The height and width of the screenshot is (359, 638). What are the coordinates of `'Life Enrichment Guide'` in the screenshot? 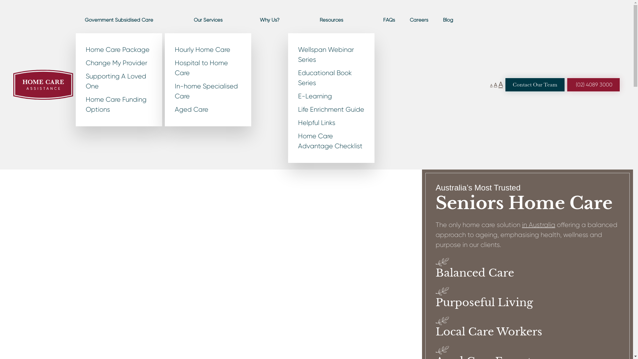 It's located at (331, 109).